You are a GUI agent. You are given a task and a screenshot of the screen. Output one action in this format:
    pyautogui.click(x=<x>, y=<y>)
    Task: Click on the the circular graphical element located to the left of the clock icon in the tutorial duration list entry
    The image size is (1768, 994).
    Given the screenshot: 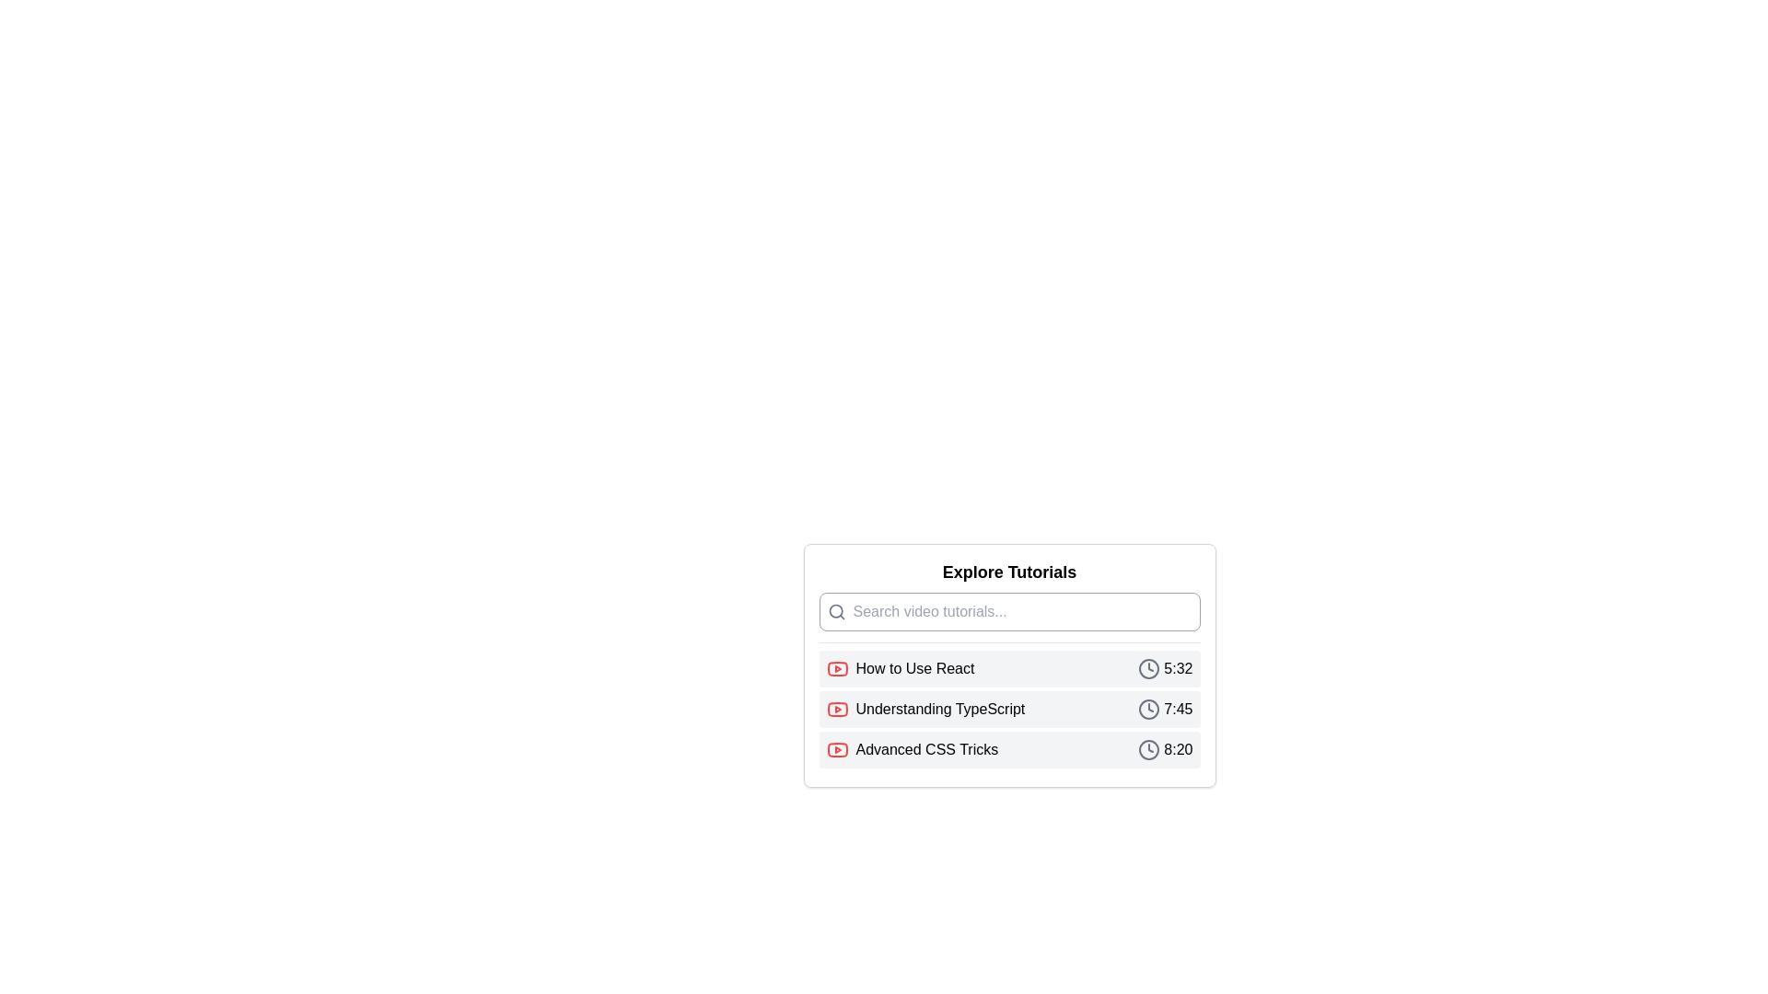 What is the action you would take?
    pyautogui.click(x=1148, y=668)
    